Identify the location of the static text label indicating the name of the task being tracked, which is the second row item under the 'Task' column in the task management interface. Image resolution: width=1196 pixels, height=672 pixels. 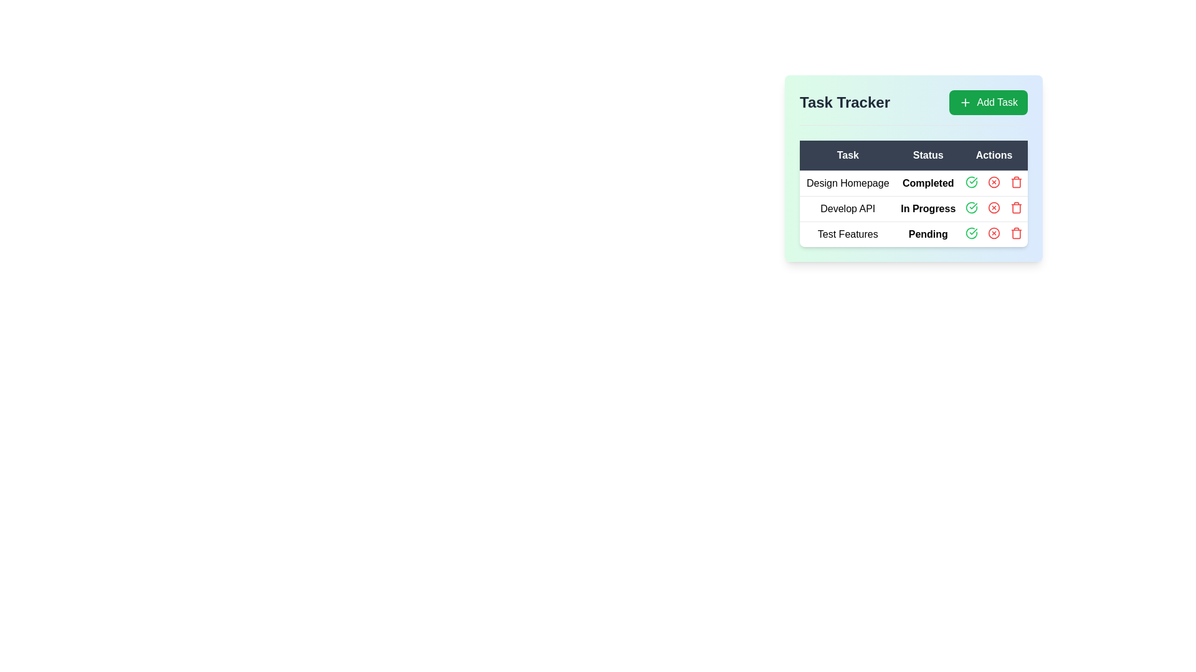
(847, 208).